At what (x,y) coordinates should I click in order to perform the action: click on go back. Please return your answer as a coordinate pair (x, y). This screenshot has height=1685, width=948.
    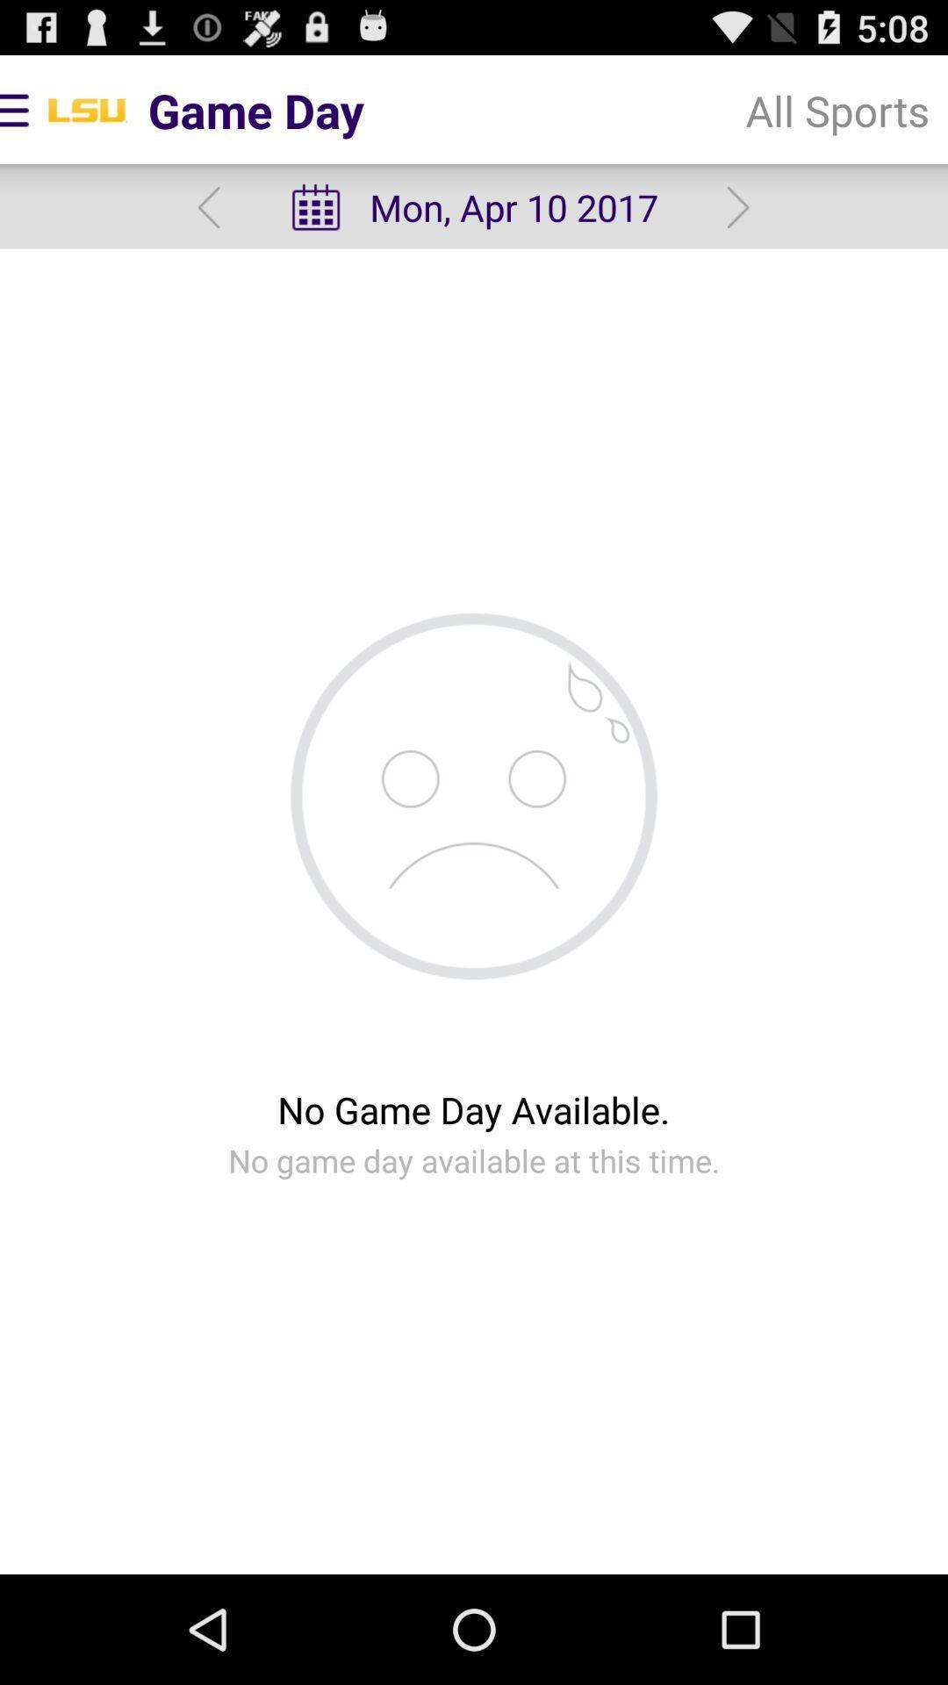
    Looking at the image, I should click on (208, 207).